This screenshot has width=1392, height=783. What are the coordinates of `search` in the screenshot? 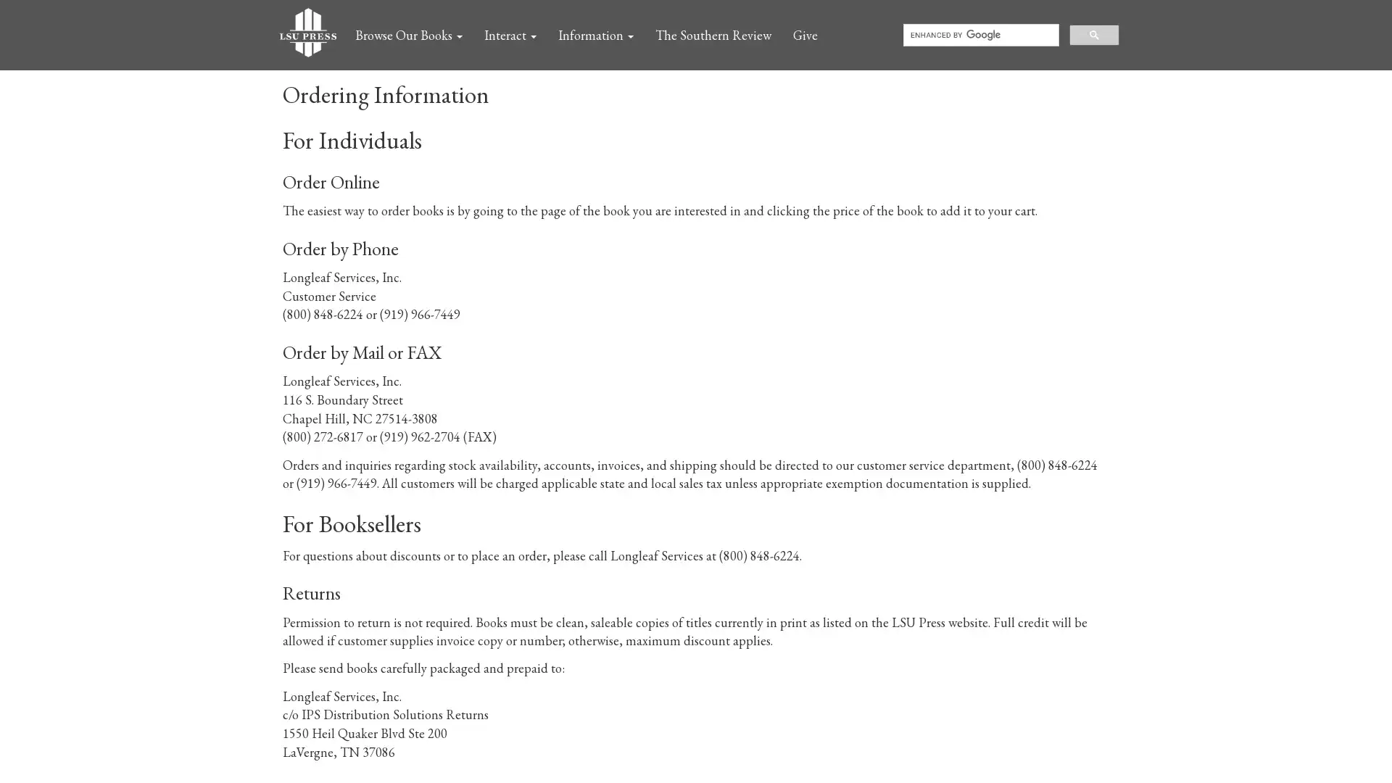 It's located at (1094, 33).